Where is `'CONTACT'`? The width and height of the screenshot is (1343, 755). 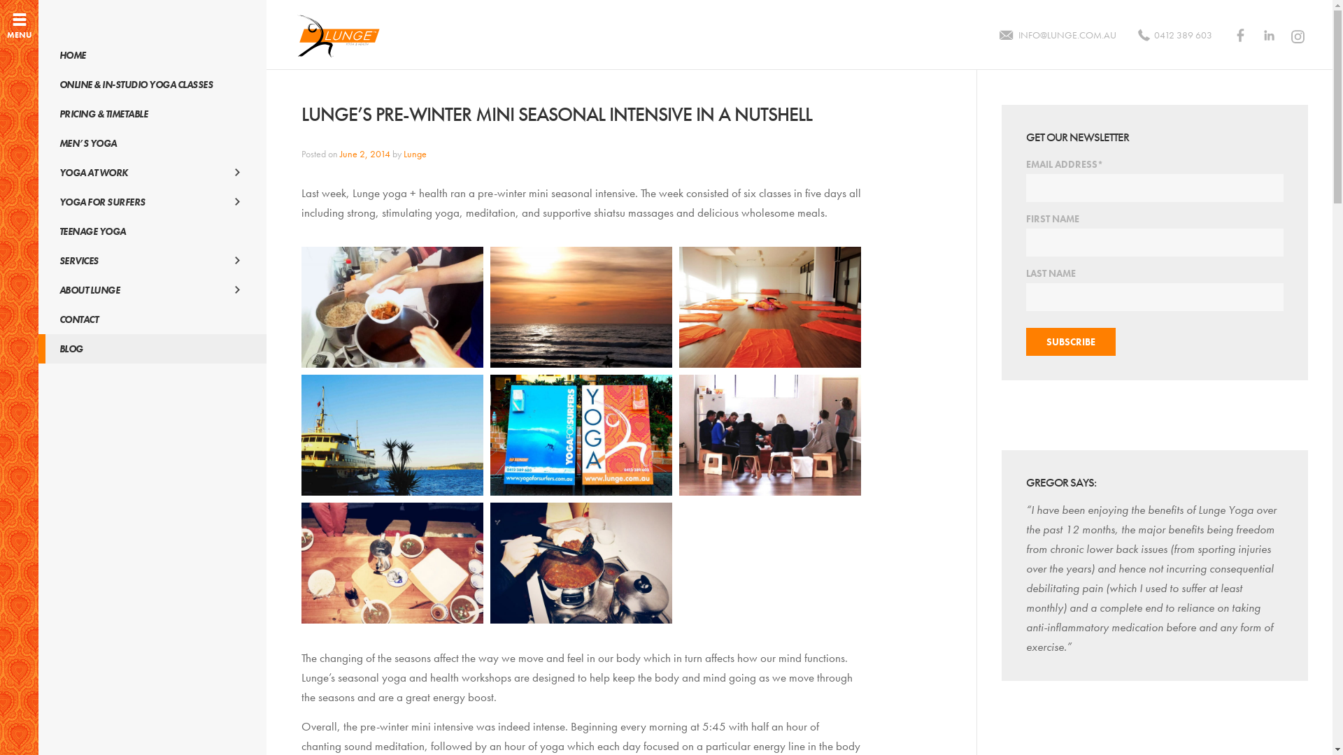
'CONTACT' is located at coordinates (152, 319).